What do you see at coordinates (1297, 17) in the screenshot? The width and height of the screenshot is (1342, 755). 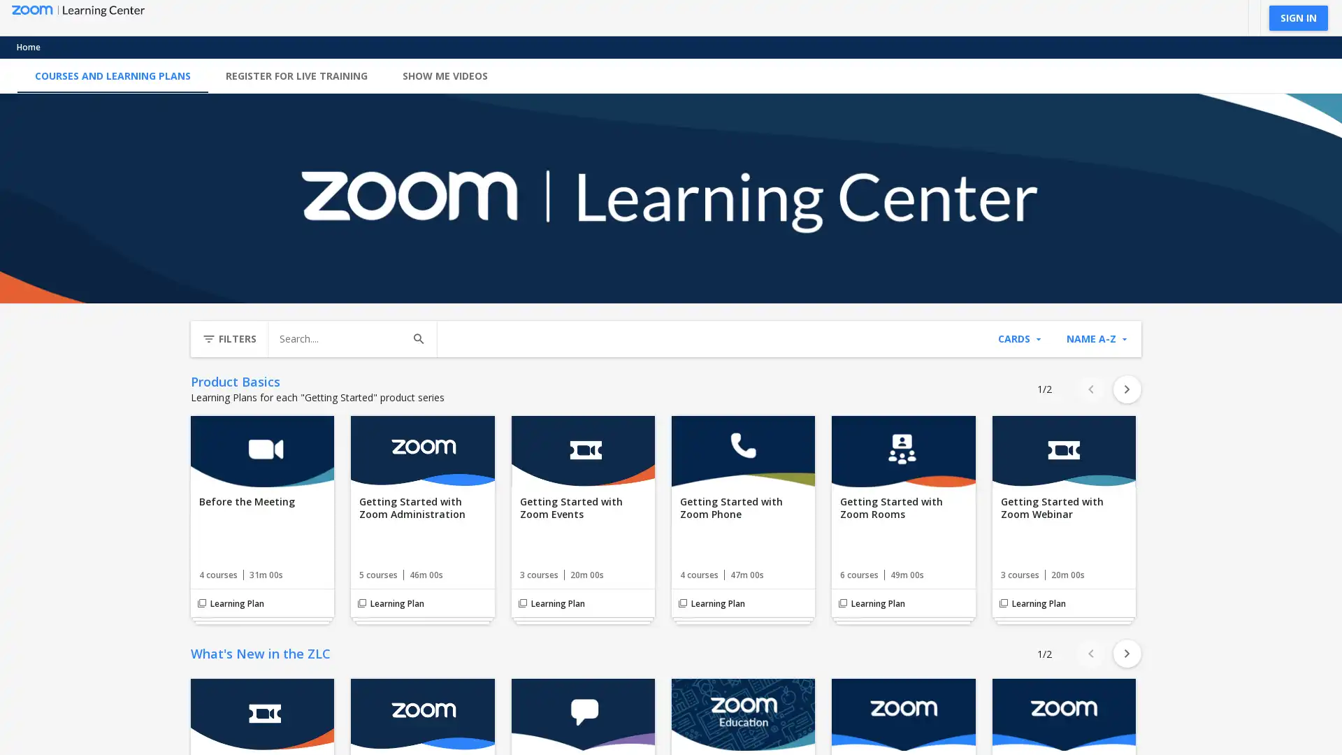 I see `SIGN IN` at bounding box center [1297, 17].